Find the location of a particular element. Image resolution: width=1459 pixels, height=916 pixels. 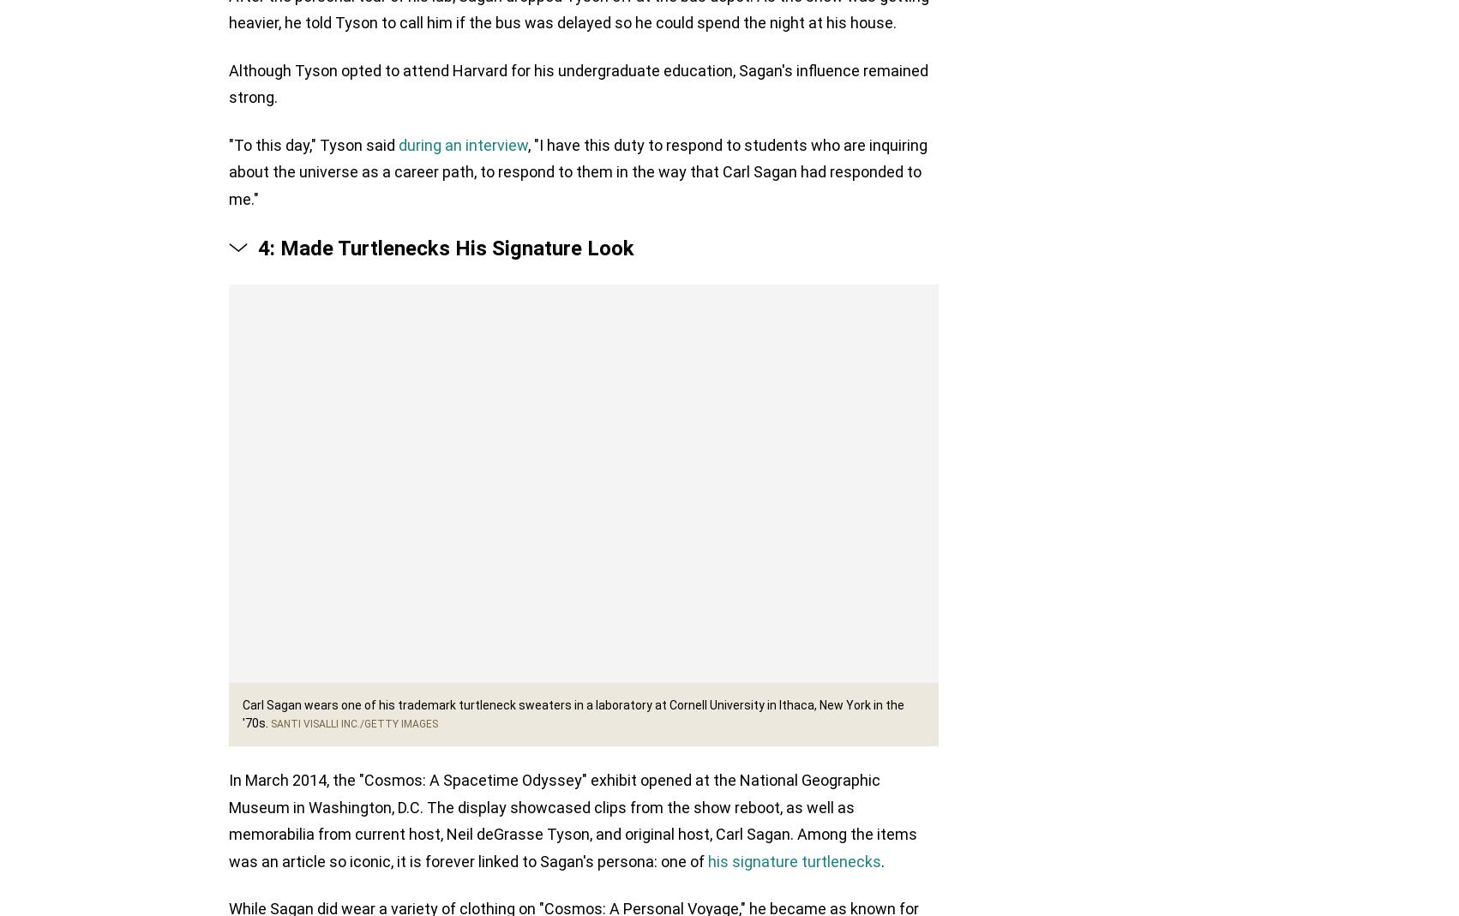

'In March 2014, the "Cosmos: A Spacetime Odyssey" exhibit opened at the National Geographic Museum in Washington, D.C. The display showcased clips from the show reboot, as well as memorabilia from current host, Neil deGrasse Tyson, and original host, Carl Sagan. Among the items was an article so iconic, it is forever linked to Sagan's persona: one of' is located at coordinates (573, 822).